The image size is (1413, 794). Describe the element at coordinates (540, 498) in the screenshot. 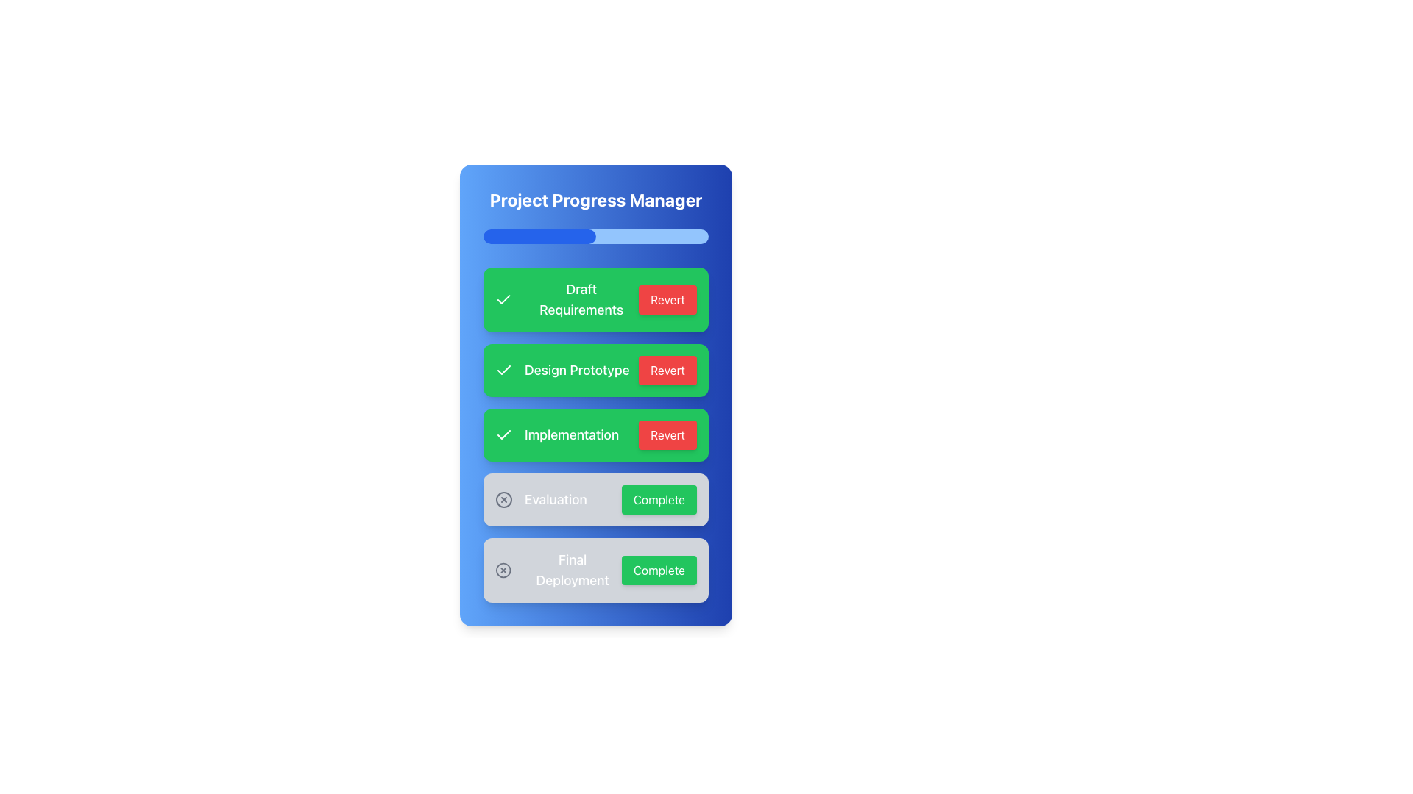

I see `the label indicating the current evaluation stage of the task in the fourth task card, located to the left of the 'Complete' button` at that location.